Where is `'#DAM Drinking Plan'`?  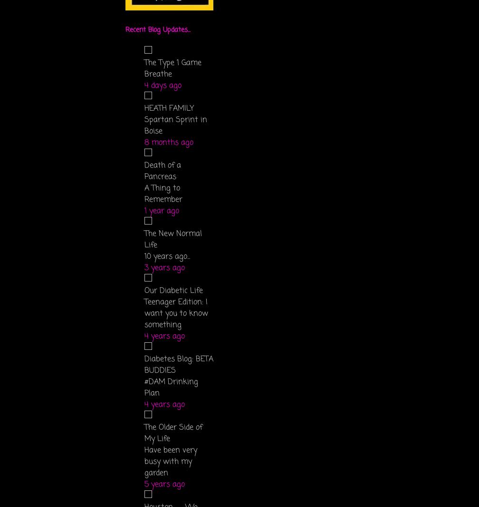
'#DAM Drinking Plan' is located at coordinates (171, 387).